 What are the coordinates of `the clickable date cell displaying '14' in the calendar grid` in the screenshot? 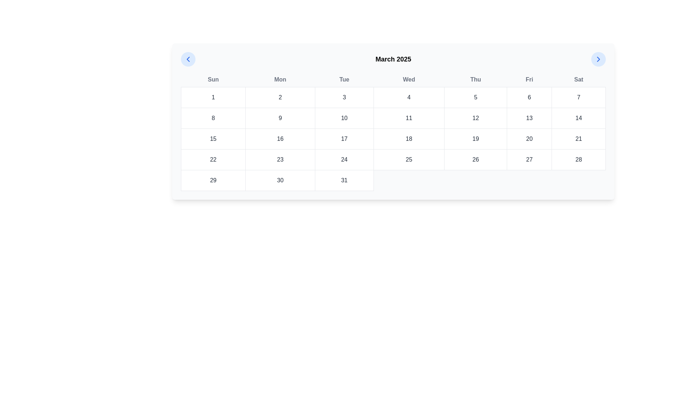 It's located at (578, 118).